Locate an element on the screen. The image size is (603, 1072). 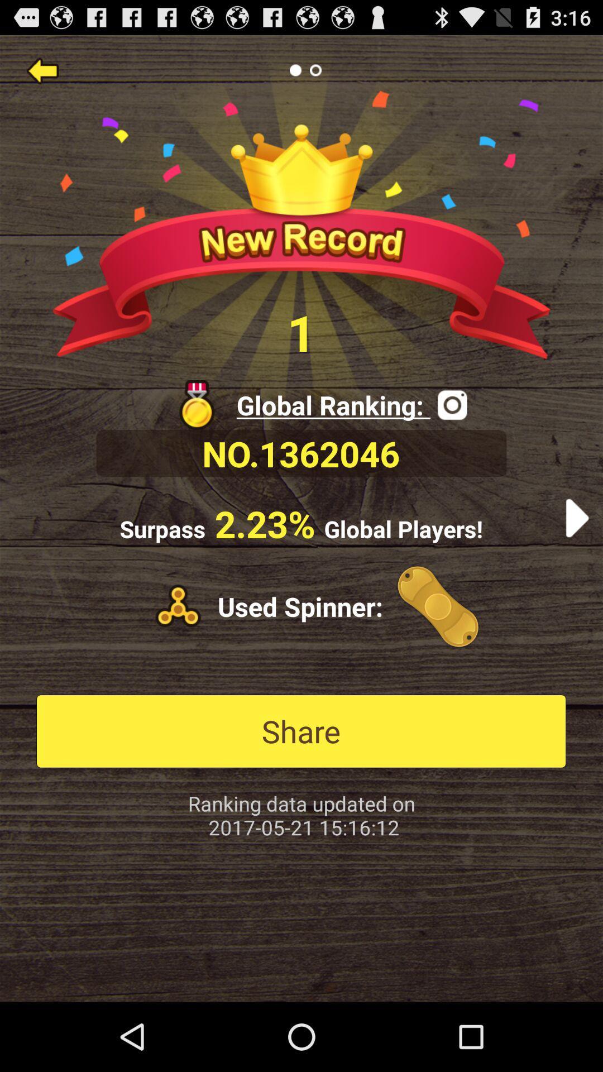
the arrow_backward icon is located at coordinates (42, 74).